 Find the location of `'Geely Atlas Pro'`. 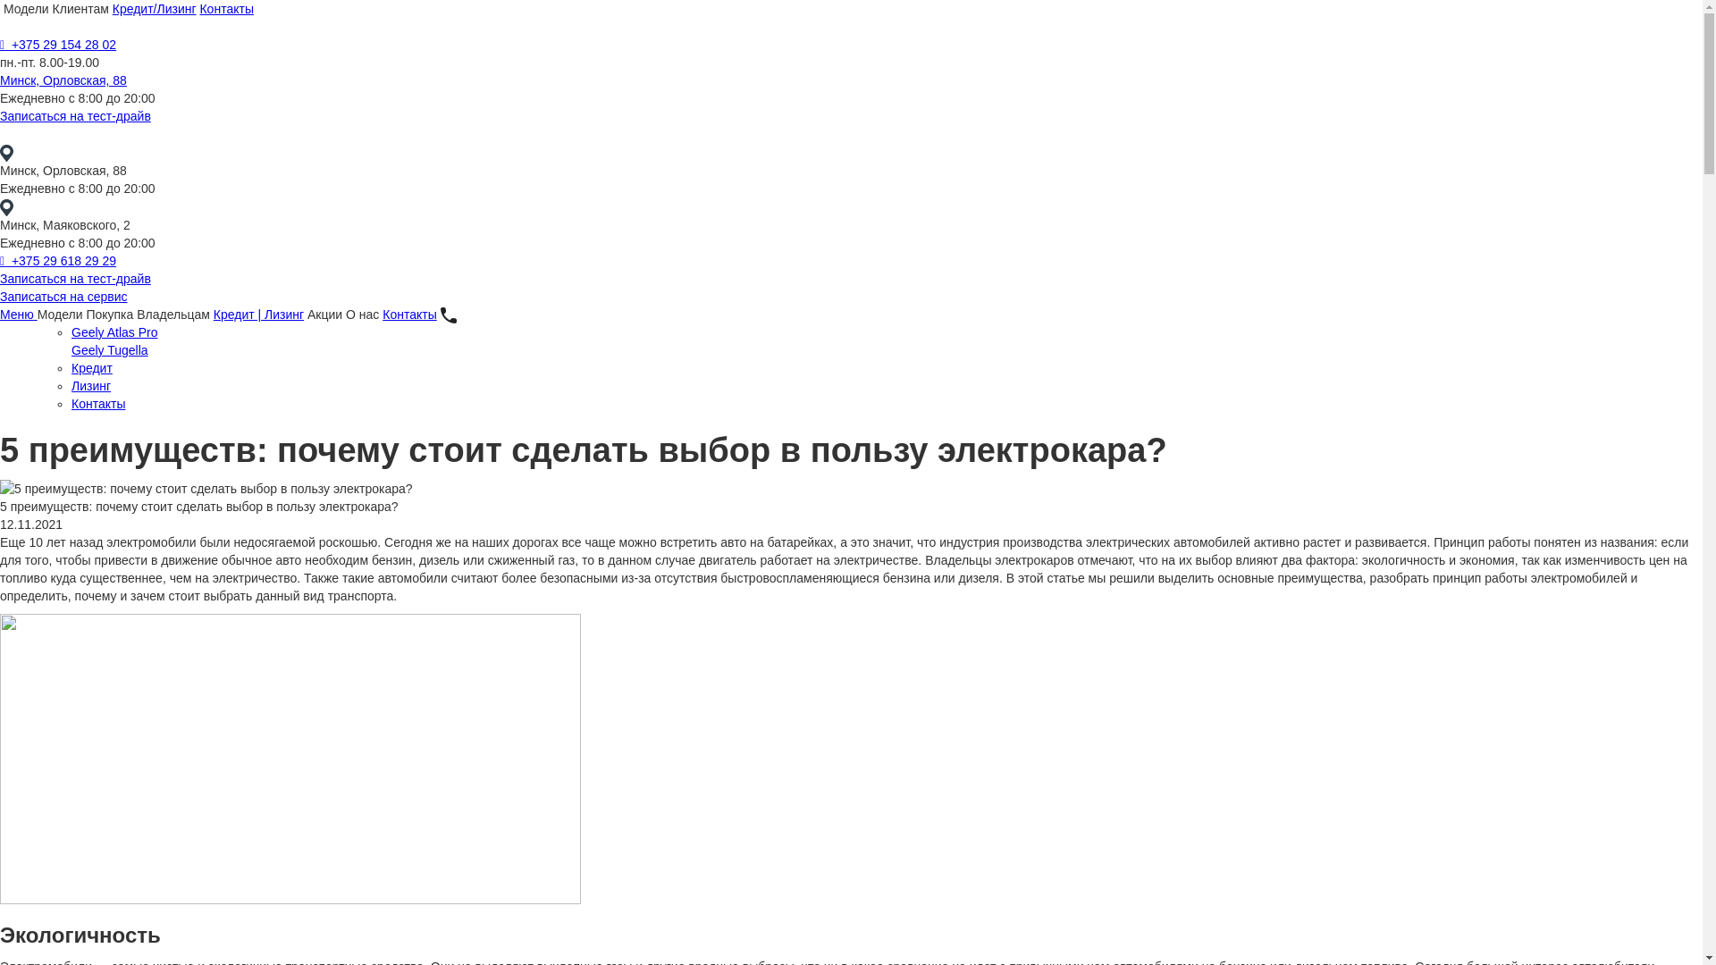

'Geely Atlas Pro' is located at coordinates (114, 331).